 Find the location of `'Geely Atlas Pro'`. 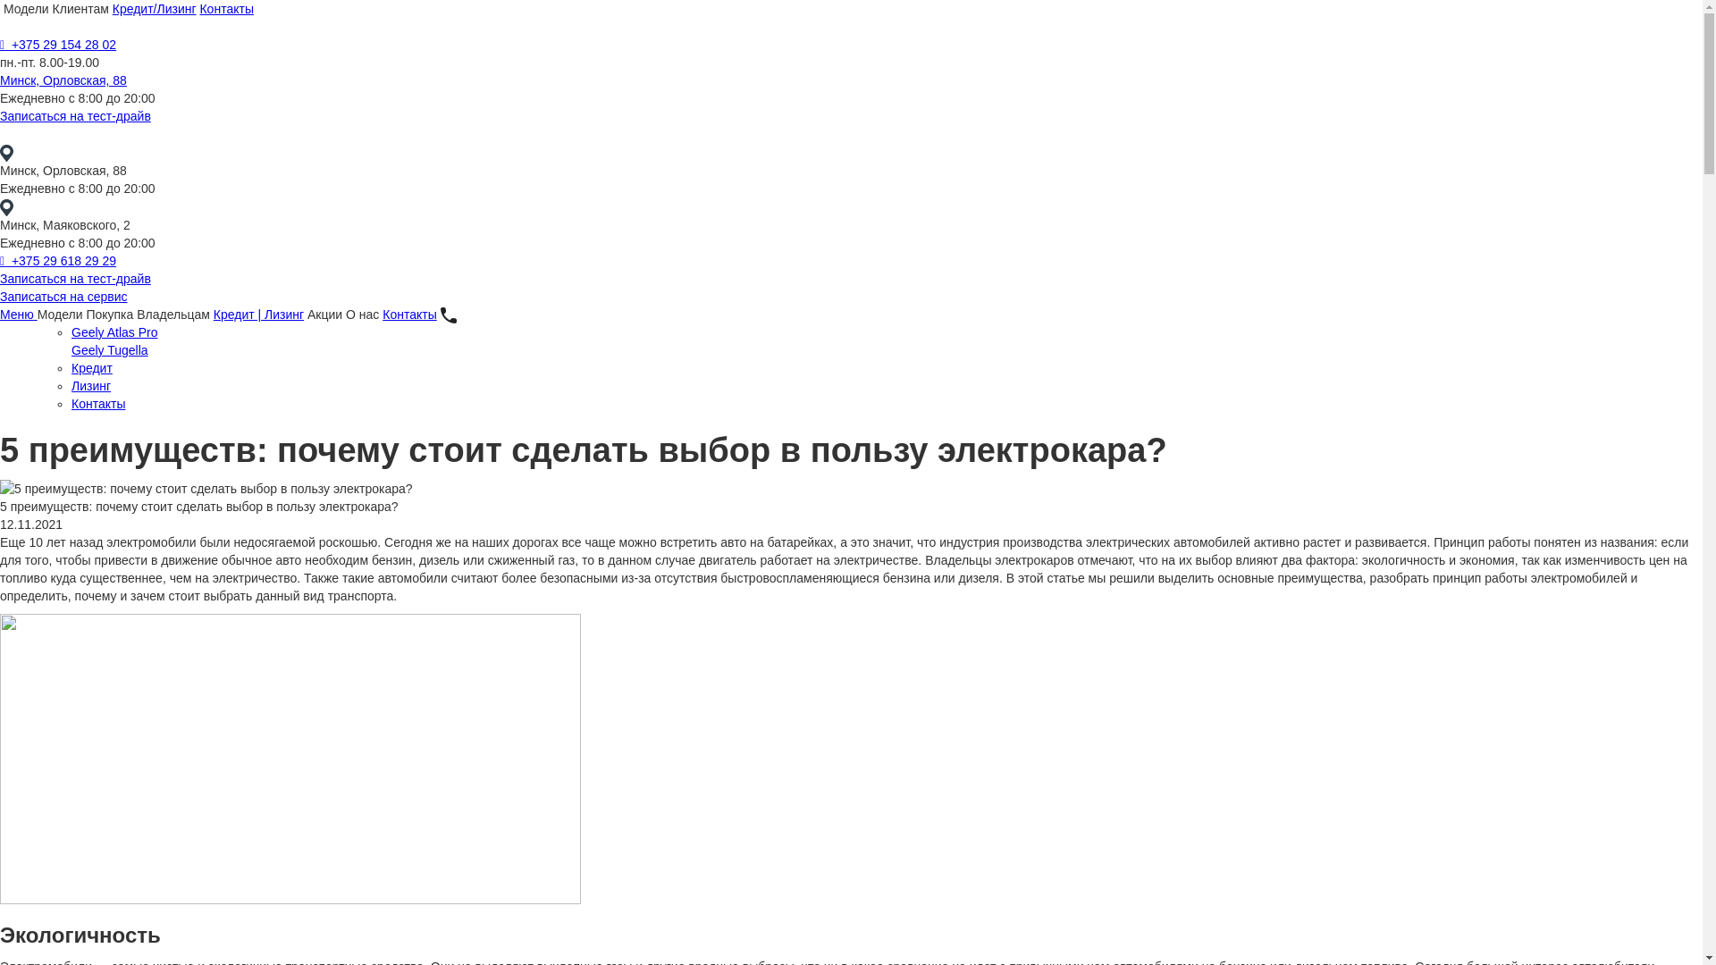

'Geely Atlas Pro' is located at coordinates (114, 331).